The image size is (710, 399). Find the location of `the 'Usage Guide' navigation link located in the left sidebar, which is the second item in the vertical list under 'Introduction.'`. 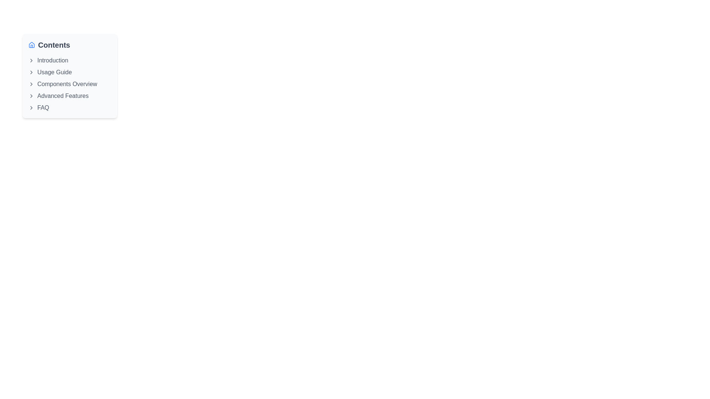

the 'Usage Guide' navigation link located in the left sidebar, which is the second item in the vertical list under 'Introduction.' is located at coordinates (70, 72).